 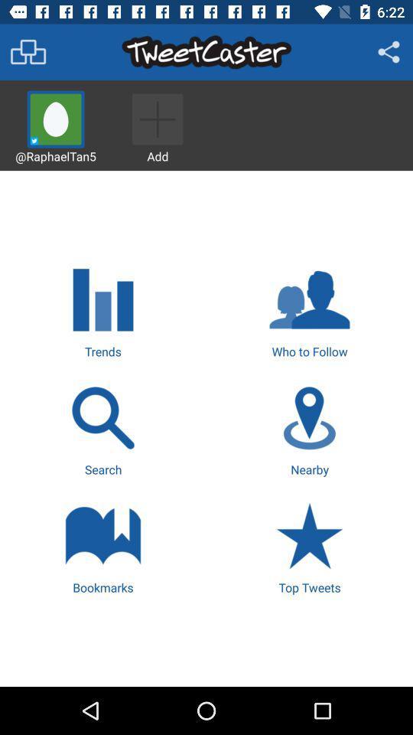 I want to click on item next to the search icon, so click(x=310, y=429).